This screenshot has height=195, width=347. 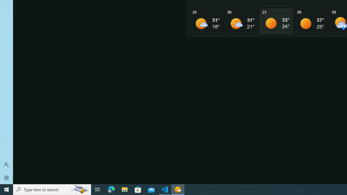 What do you see at coordinates (97, 189) in the screenshot?
I see `'Task View'` at bounding box center [97, 189].